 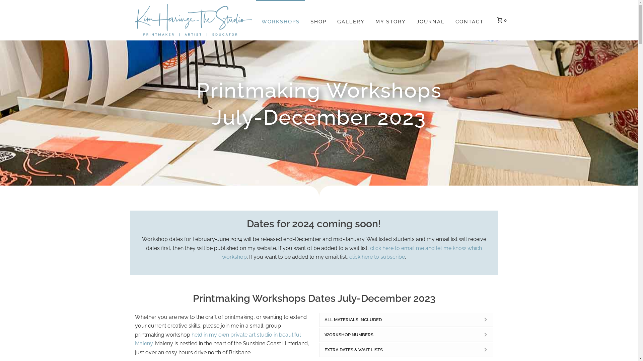 What do you see at coordinates (280, 20) in the screenshot?
I see `'WORKSHOPS'` at bounding box center [280, 20].